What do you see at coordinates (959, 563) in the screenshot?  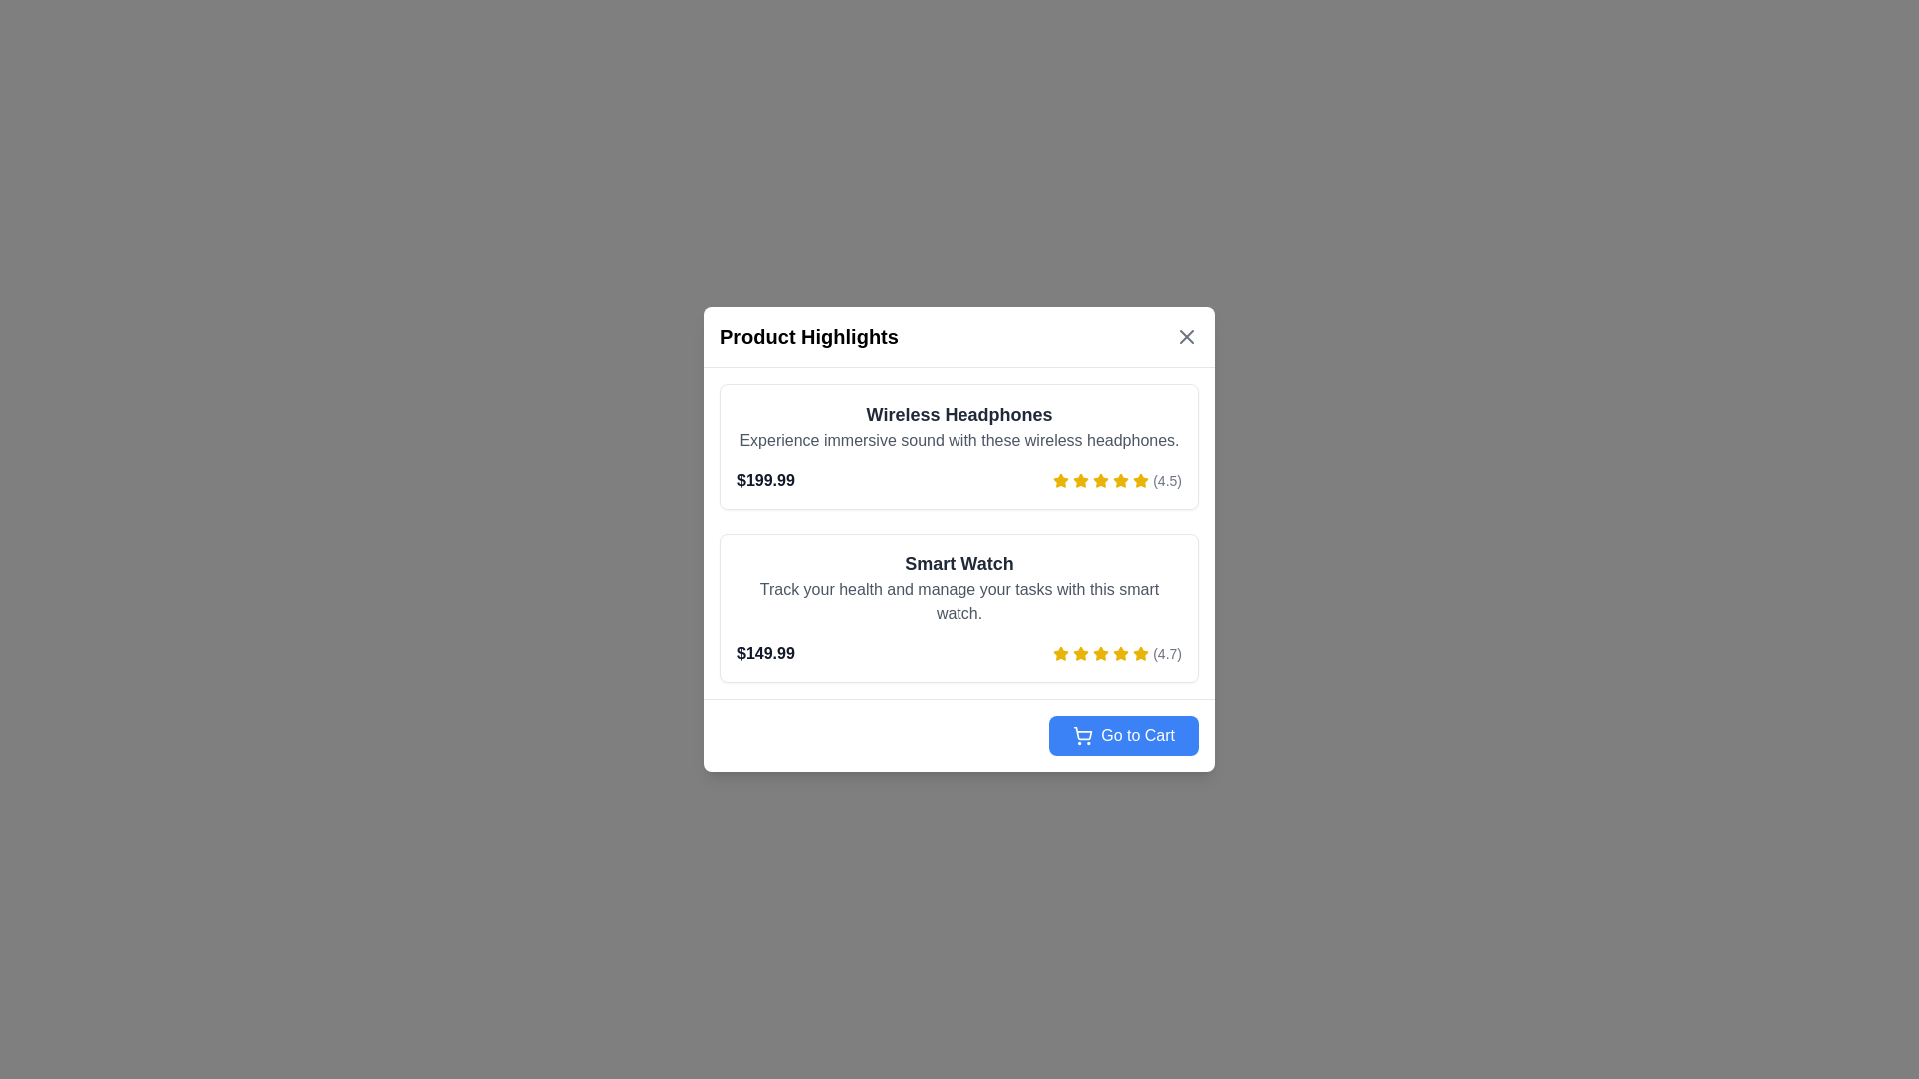 I see `the 'Smart Watch' text element, which is displayed prominently in bold and dark color within the 'Product Highlights' dialog box` at bounding box center [959, 563].